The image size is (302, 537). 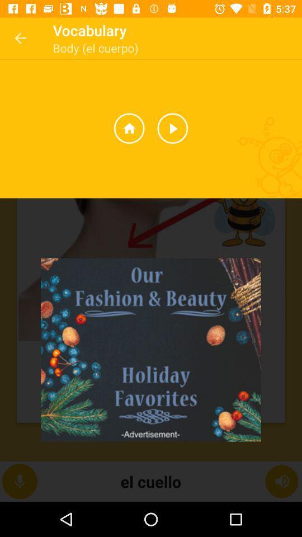 I want to click on the microphone icon, so click(x=20, y=481).